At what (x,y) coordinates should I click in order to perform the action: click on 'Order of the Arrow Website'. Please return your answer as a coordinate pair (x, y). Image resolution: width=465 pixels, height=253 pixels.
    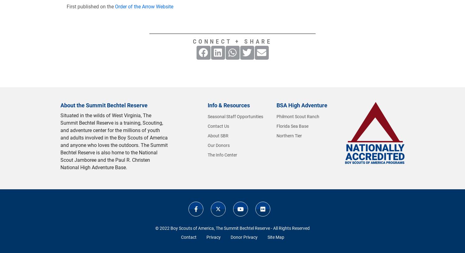
    Looking at the image, I should click on (143, 6).